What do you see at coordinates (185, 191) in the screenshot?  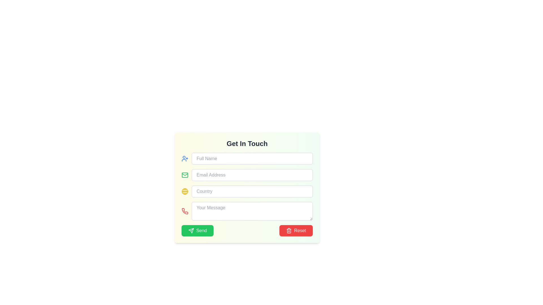 I see `the globe icon with a yellow outline, which is located above the 'Country' text input field` at bounding box center [185, 191].